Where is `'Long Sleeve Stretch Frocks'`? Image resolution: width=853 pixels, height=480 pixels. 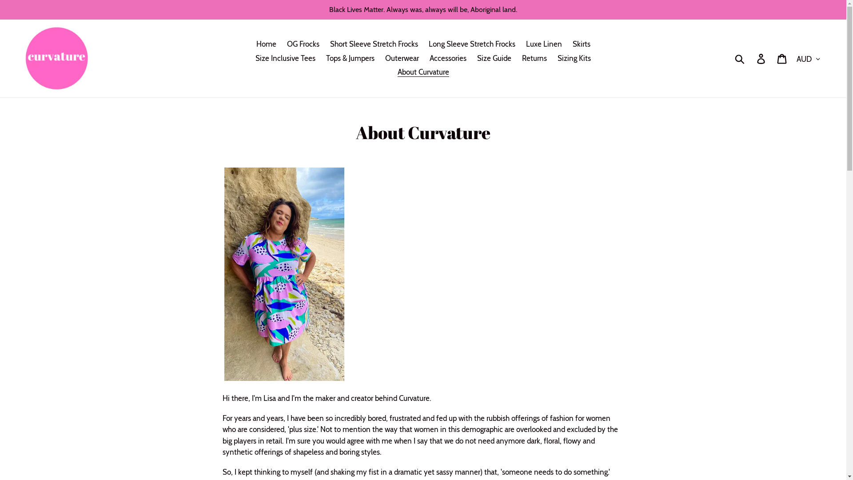
'Long Sleeve Stretch Frocks' is located at coordinates (471, 44).